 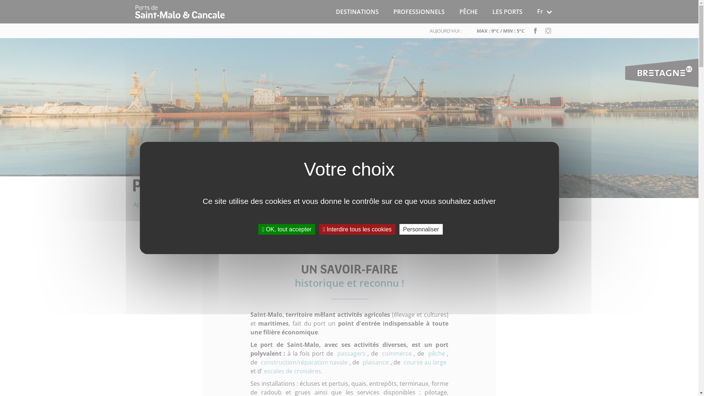 What do you see at coordinates (180, 11) in the screenshot?
I see `'Accueil'` at bounding box center [180, 11].